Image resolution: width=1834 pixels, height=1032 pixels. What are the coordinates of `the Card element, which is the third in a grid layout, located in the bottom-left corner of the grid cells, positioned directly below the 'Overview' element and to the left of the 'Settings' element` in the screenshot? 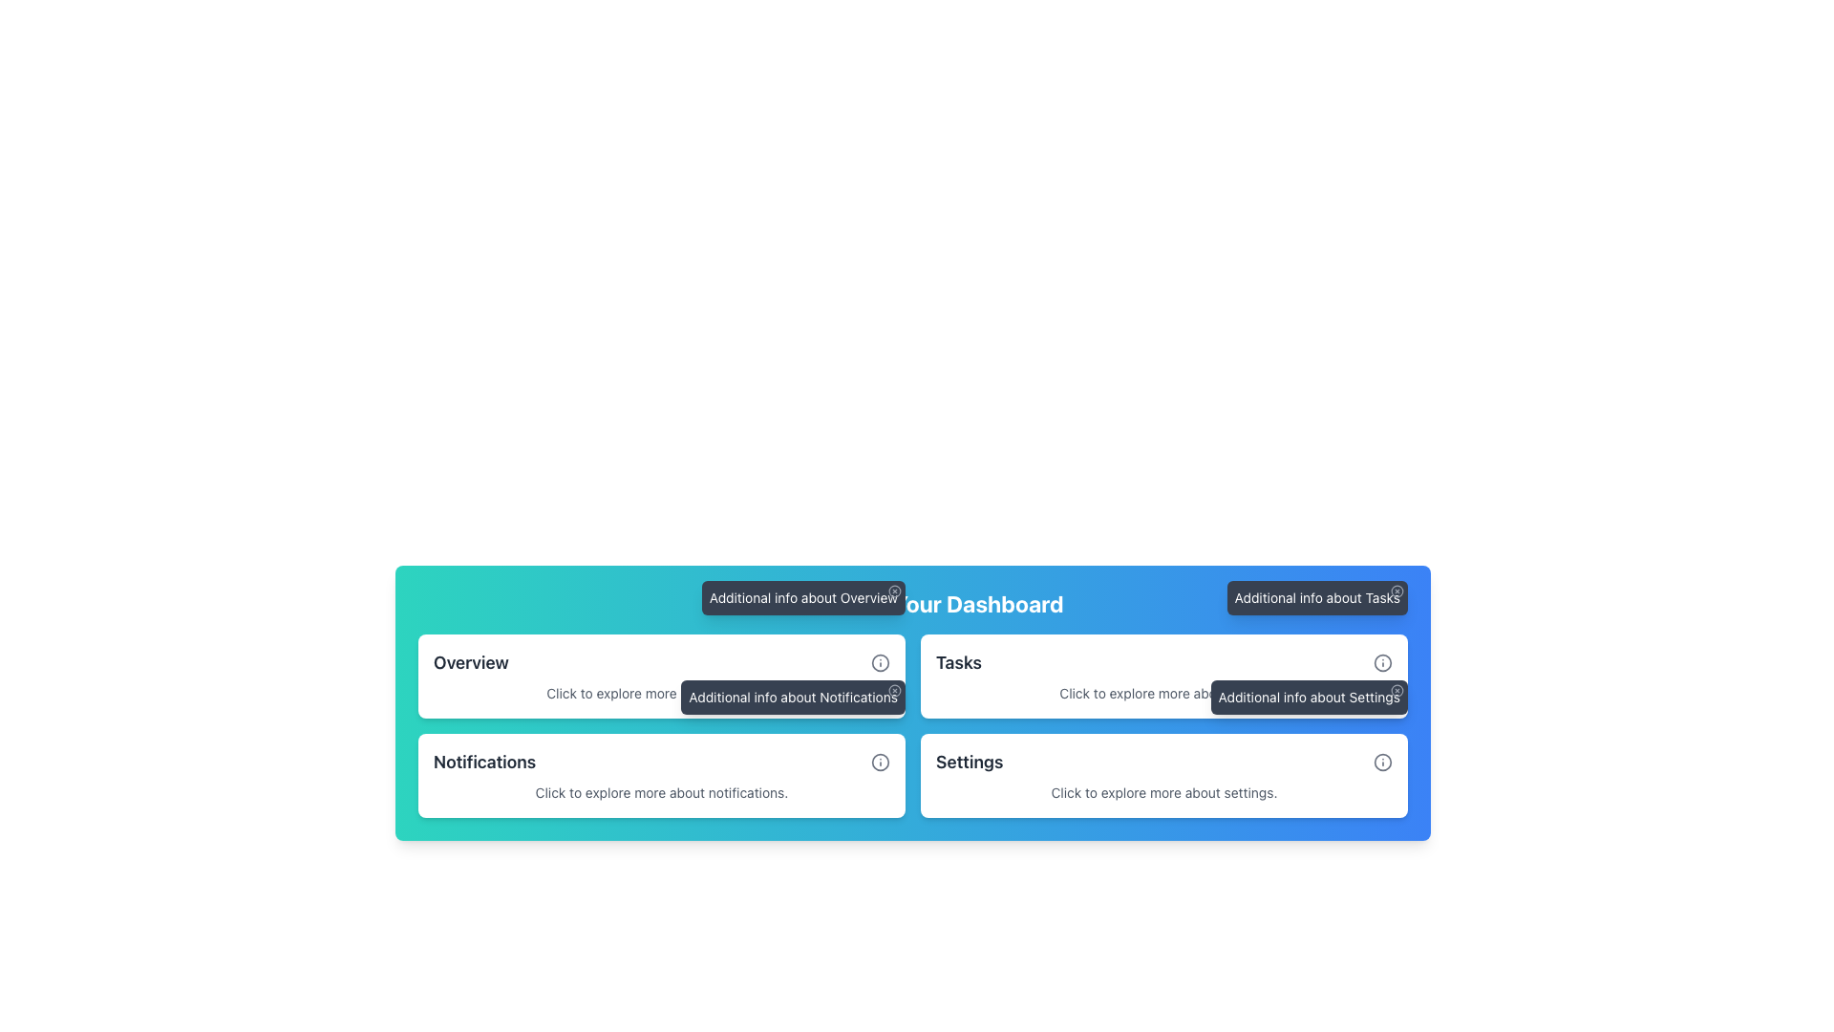 It's located at (661, 776).